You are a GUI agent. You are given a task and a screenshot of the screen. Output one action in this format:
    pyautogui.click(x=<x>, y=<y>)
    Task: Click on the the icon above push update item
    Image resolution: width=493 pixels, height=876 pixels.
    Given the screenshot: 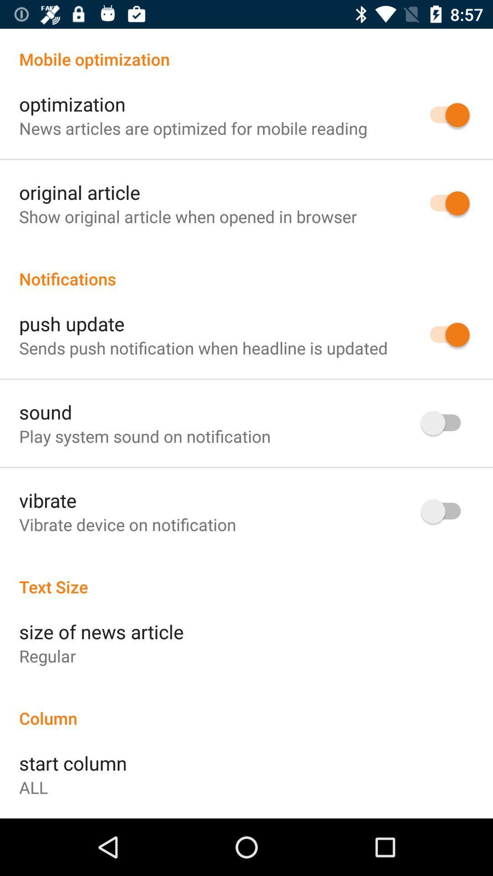 What is the action you would take?
    pyautogui.click(x=246, y=269)
    